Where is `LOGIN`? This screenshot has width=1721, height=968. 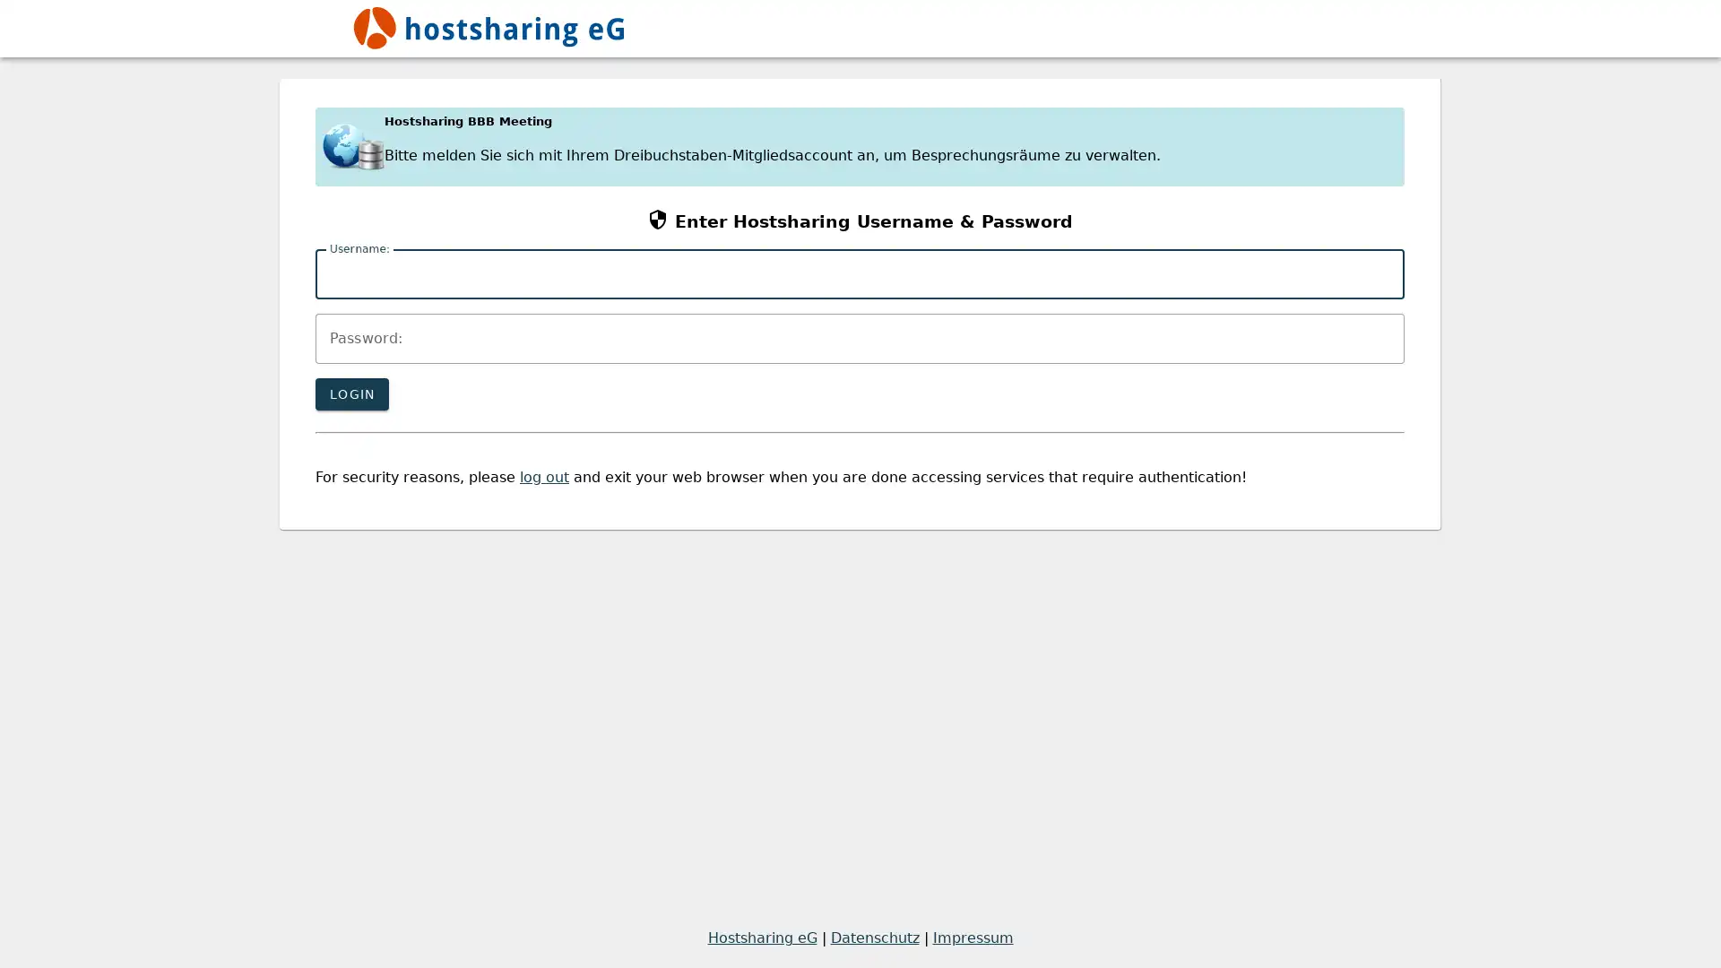 LOGIN is located at coordinates (352, 393).